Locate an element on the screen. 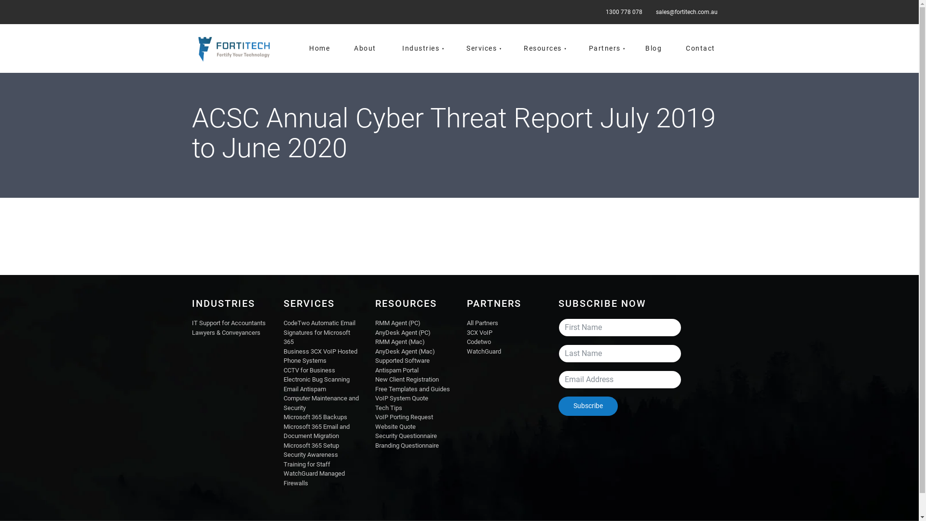 This screenshot has width=926, height=521. 'VoIP Porting Request' is located at coordinates (374, 416).